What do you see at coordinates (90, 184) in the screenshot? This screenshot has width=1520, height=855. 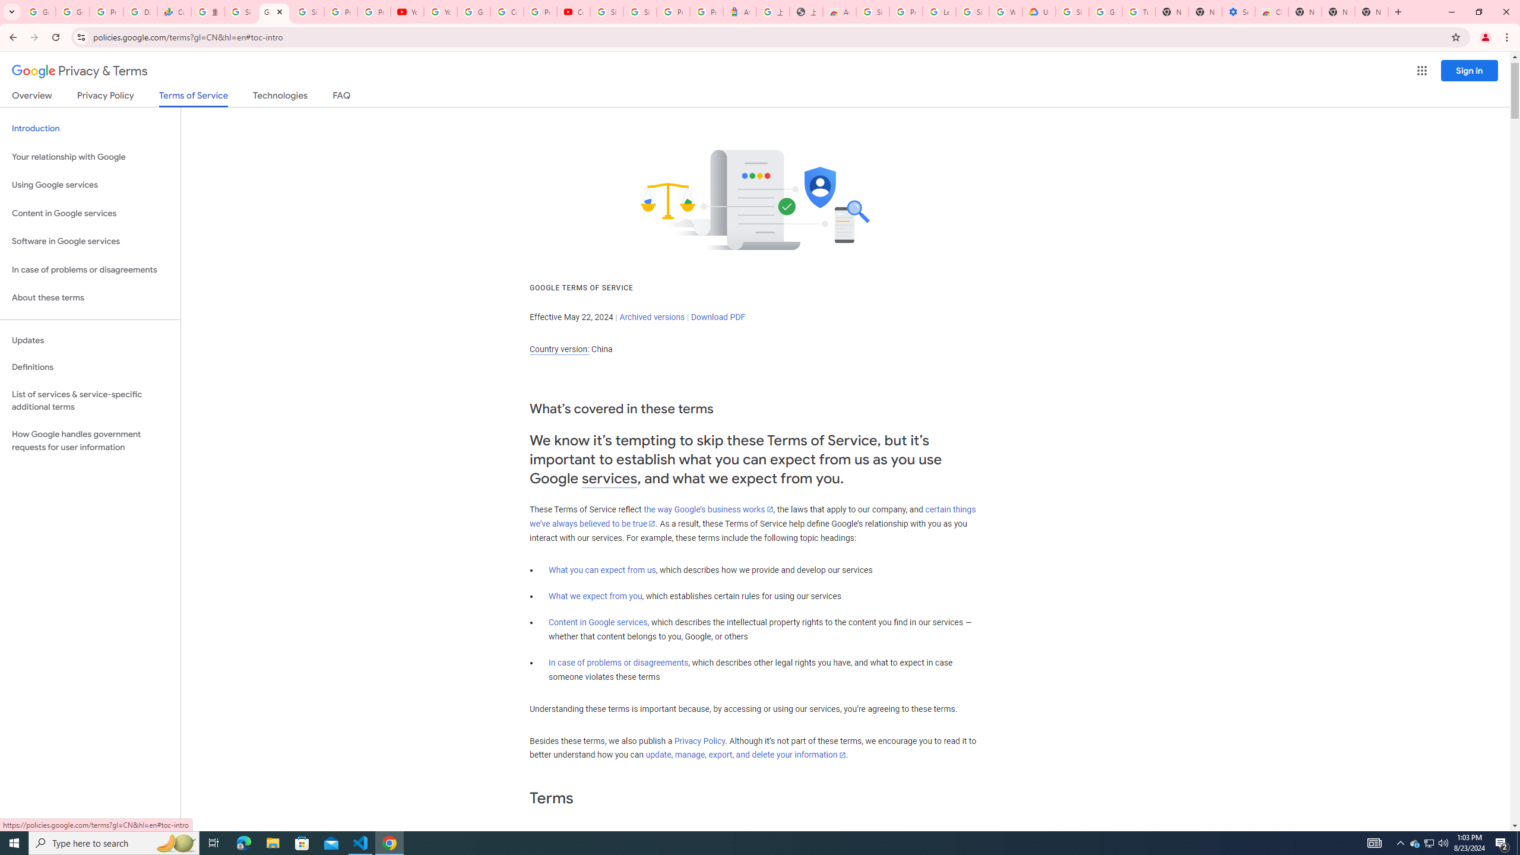 I see `'Using Google services'` at bounding box center [90, 184].